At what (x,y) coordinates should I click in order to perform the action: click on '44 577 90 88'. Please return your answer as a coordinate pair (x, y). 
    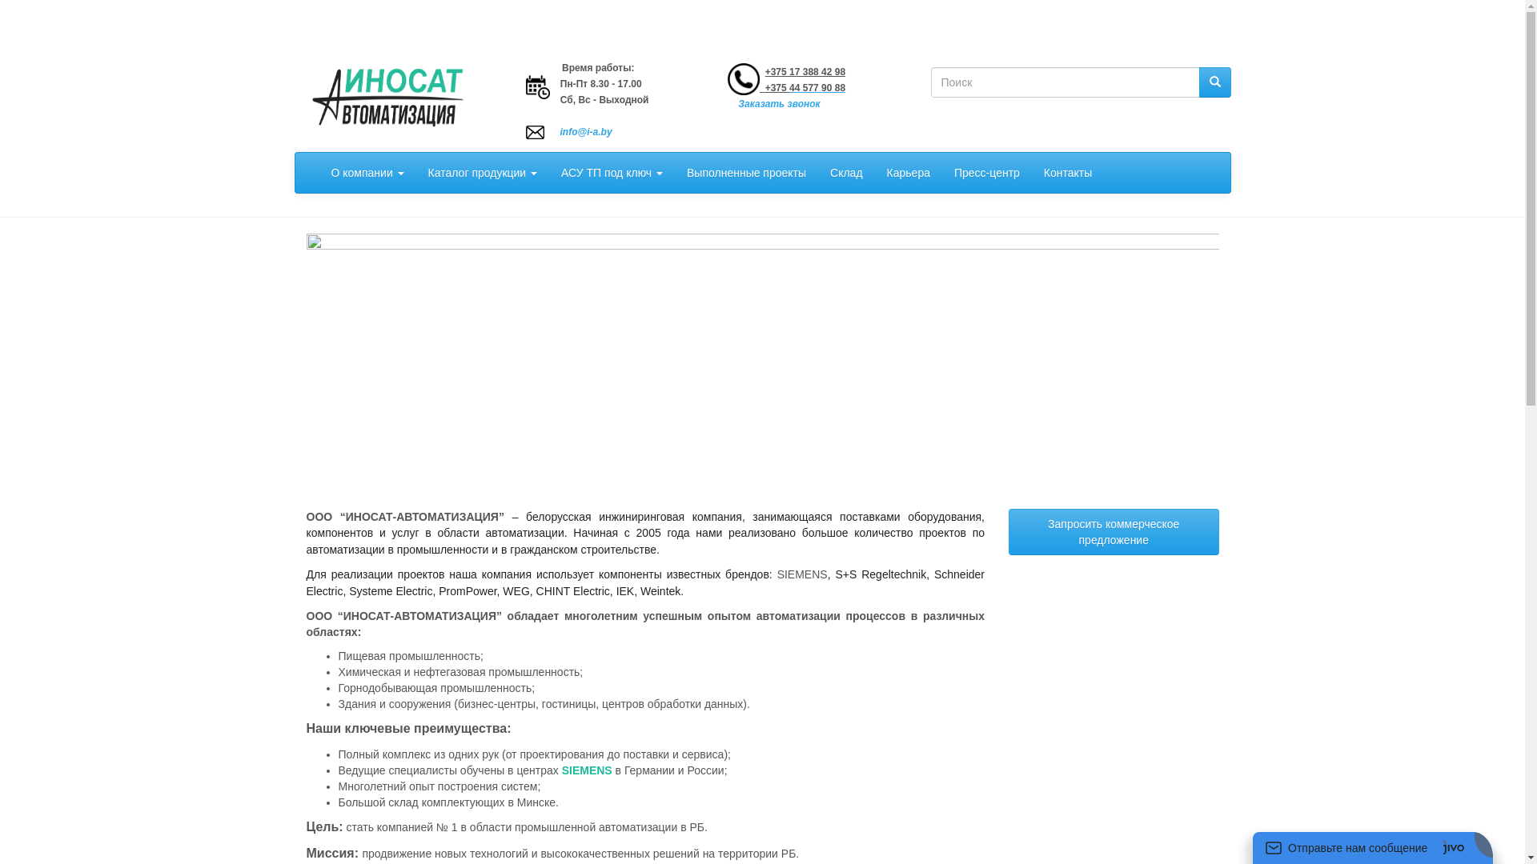
    Looking at the image, I should click on (817, 88).